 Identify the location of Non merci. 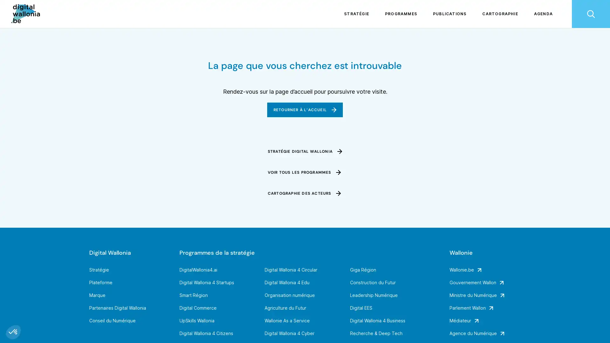
(28, 311).